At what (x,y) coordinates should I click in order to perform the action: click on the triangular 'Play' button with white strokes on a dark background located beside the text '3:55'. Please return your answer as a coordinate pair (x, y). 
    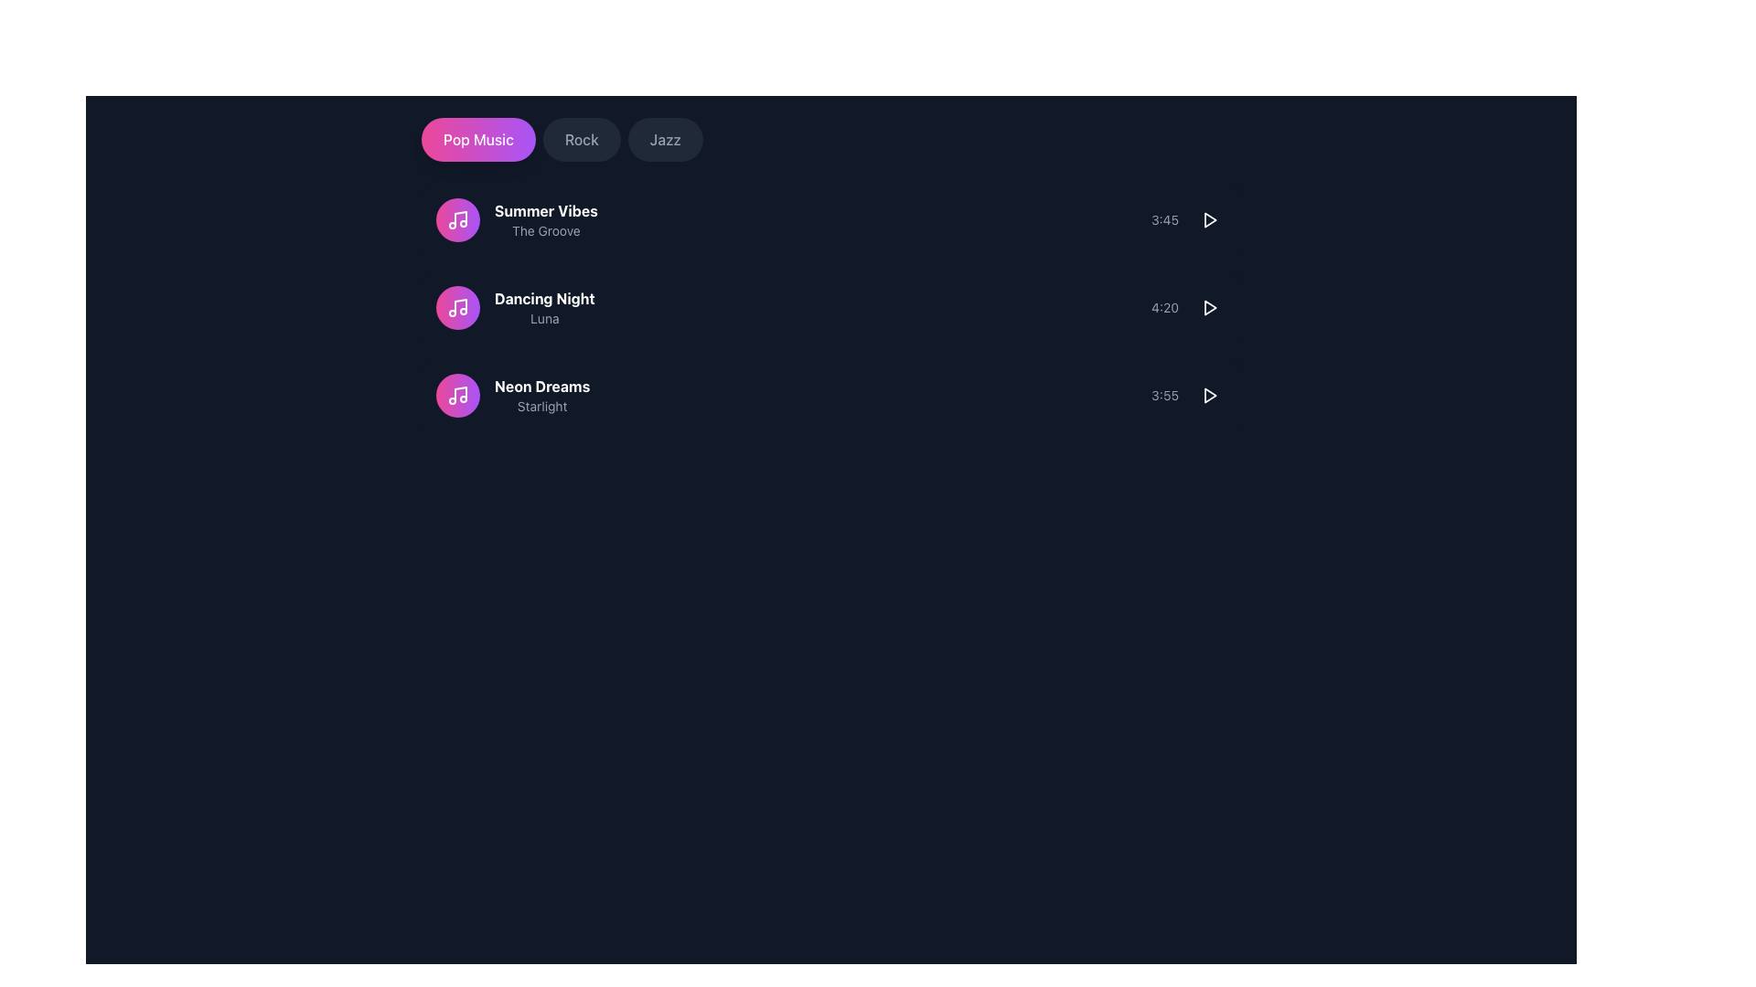
    Looking at the image, I should click on (1210, 394).